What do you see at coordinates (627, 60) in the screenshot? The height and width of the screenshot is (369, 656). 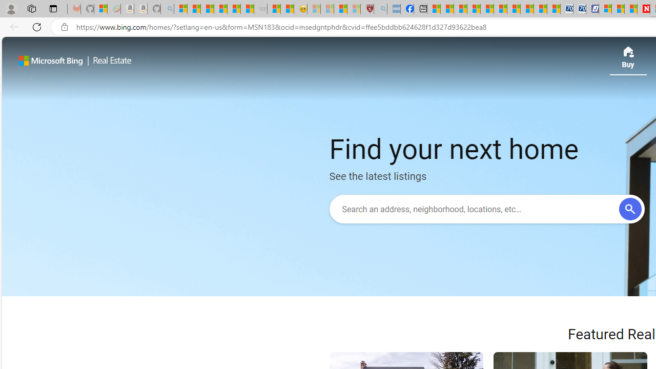 I see `'Buy'` at bounding box center [627, 60].